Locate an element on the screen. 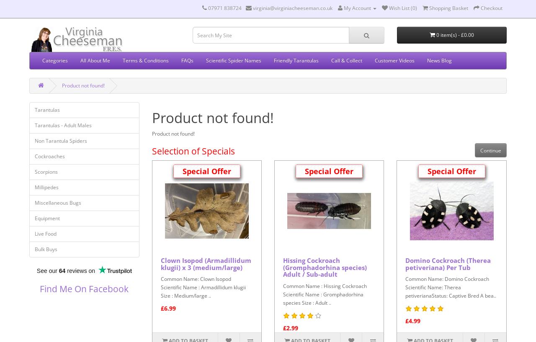 This screenshot has height=342, width=536. 'FAQs' is located at coordinates (181, 60).